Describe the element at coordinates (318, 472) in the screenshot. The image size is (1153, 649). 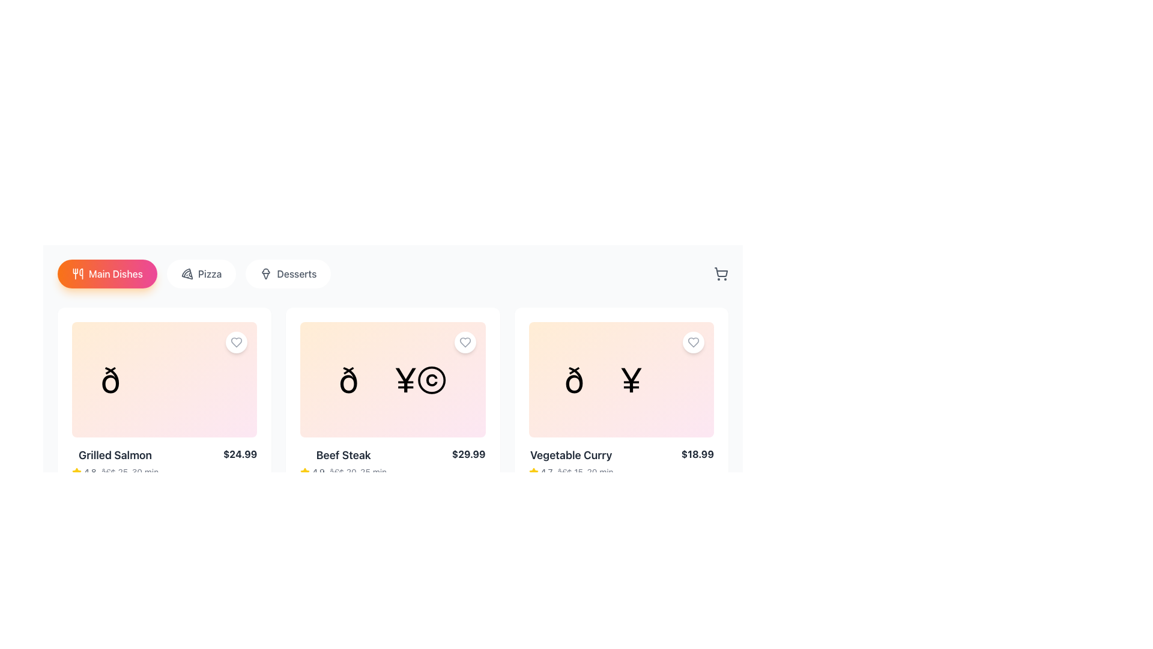
I see `the text label displaying the rating value for the 'Beef Steak' item, which is located below the 'Beef Steak' label in the second card of the menu grid, aligned to the right of the yellow star icon` at that location.